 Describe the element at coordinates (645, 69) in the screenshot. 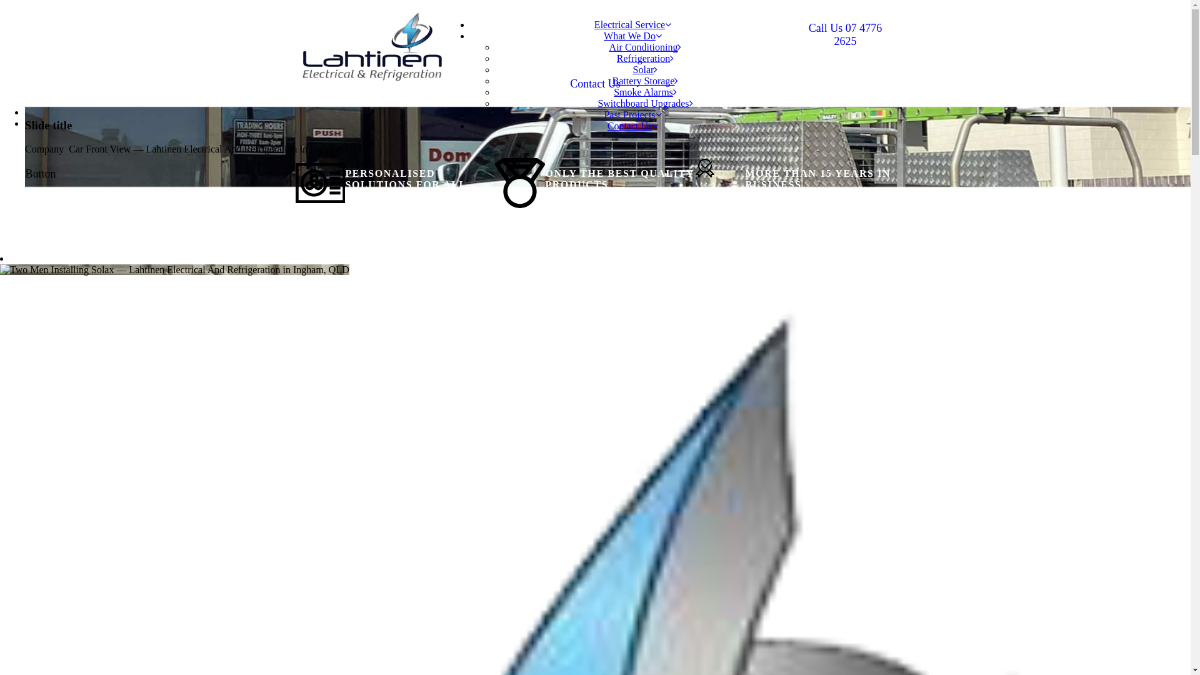

I see `'Solar'` at that location.